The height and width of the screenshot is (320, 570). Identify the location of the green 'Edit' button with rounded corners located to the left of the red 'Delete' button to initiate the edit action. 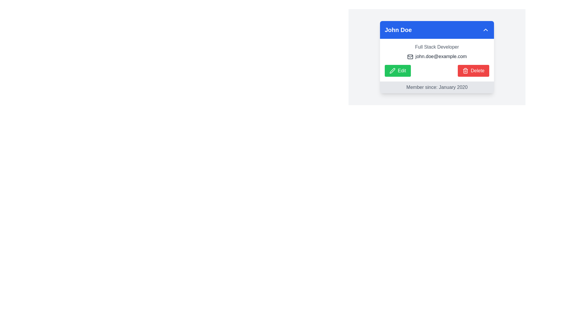
(398, 71).